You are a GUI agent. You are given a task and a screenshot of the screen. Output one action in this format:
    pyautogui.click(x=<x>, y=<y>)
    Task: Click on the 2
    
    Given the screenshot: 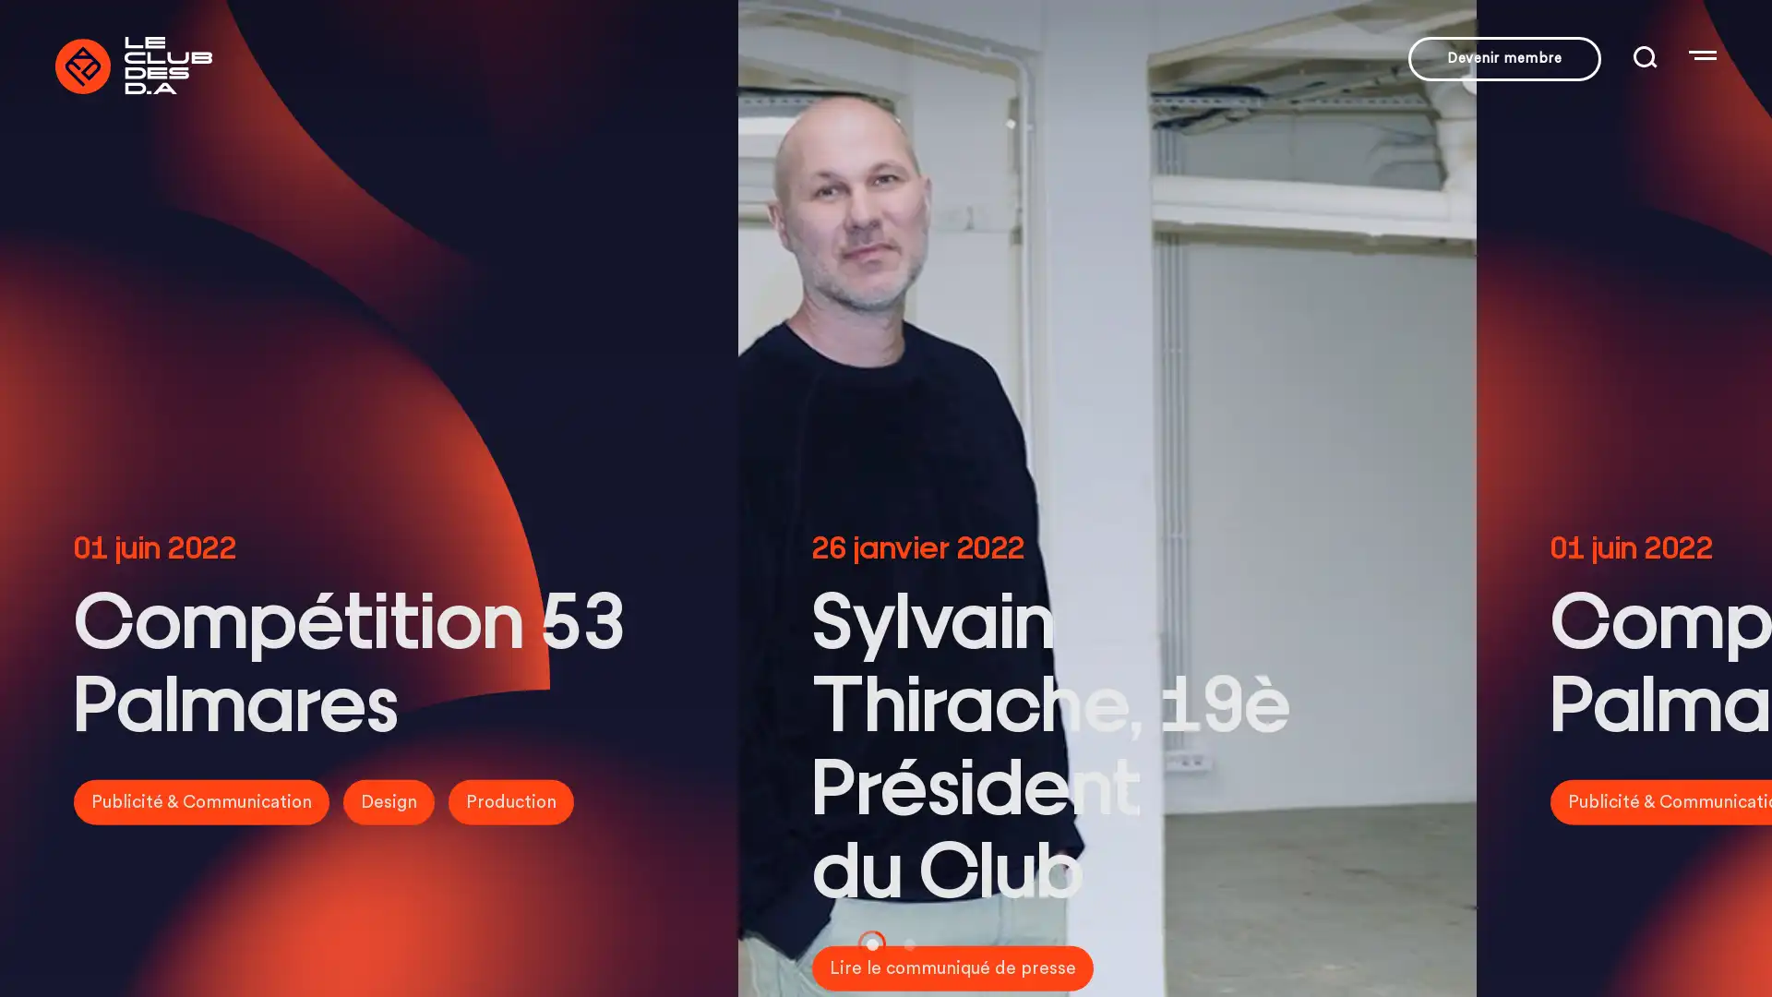 What is the action you would take?
    pyautogui.click(x=904, y=944)
    